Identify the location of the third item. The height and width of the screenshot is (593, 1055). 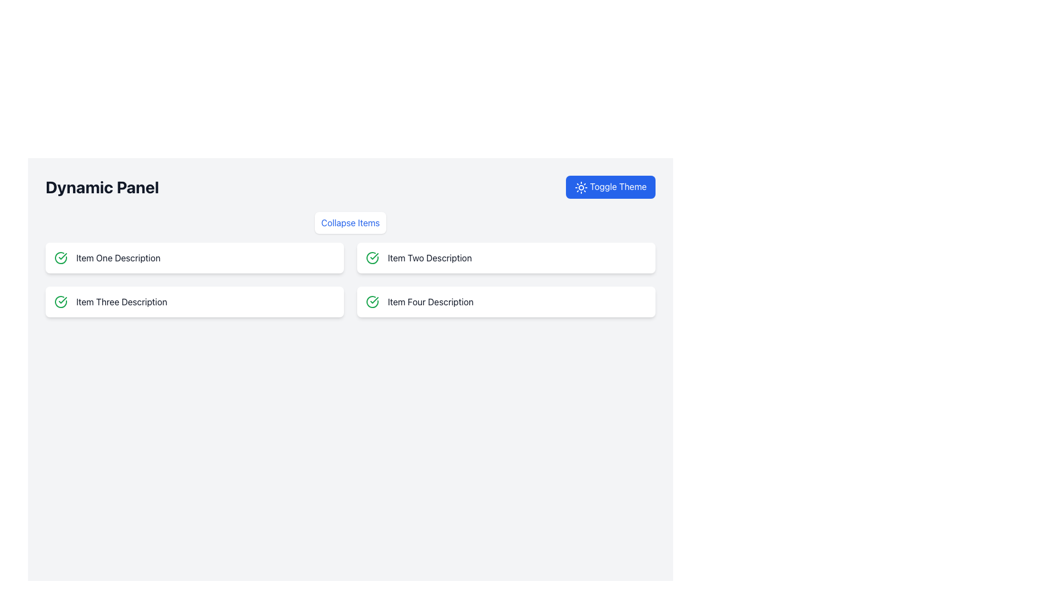
(195, 301).